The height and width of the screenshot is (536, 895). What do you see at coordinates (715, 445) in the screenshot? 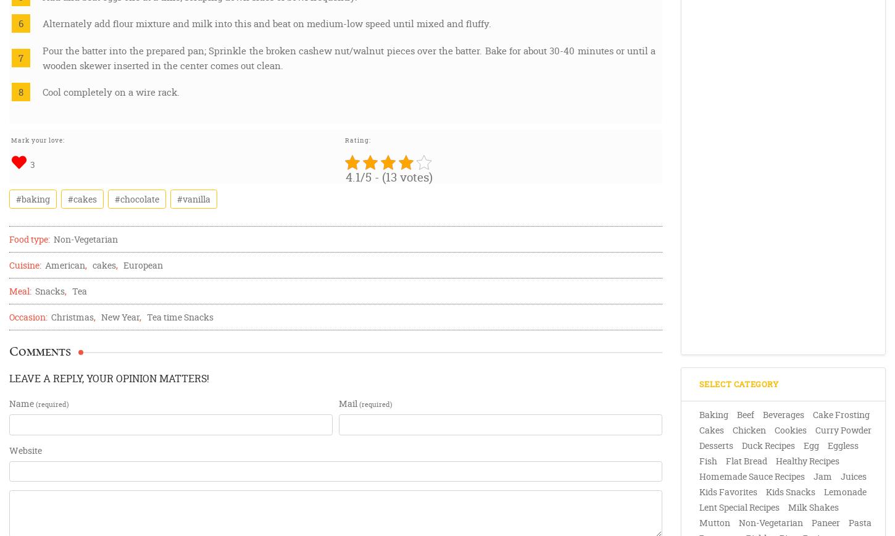
I see `'Desserts'` at bounding box center [715, 445].